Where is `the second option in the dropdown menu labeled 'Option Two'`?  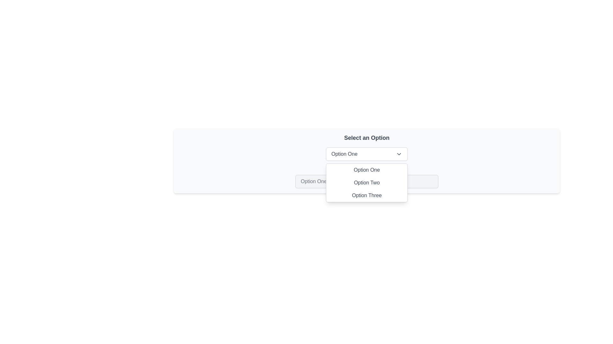
the second option in the dropdown menu labeled 'Option Two' is located at coordinates (367, 183).